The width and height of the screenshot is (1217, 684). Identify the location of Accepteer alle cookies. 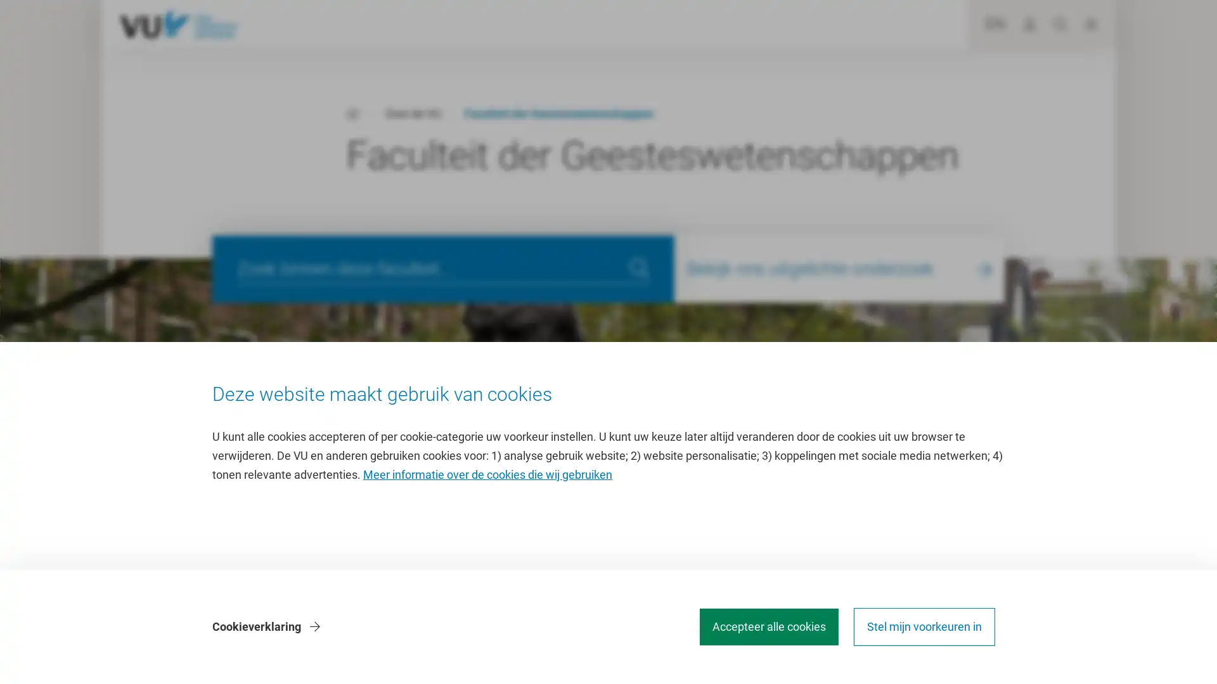
(768, 627).